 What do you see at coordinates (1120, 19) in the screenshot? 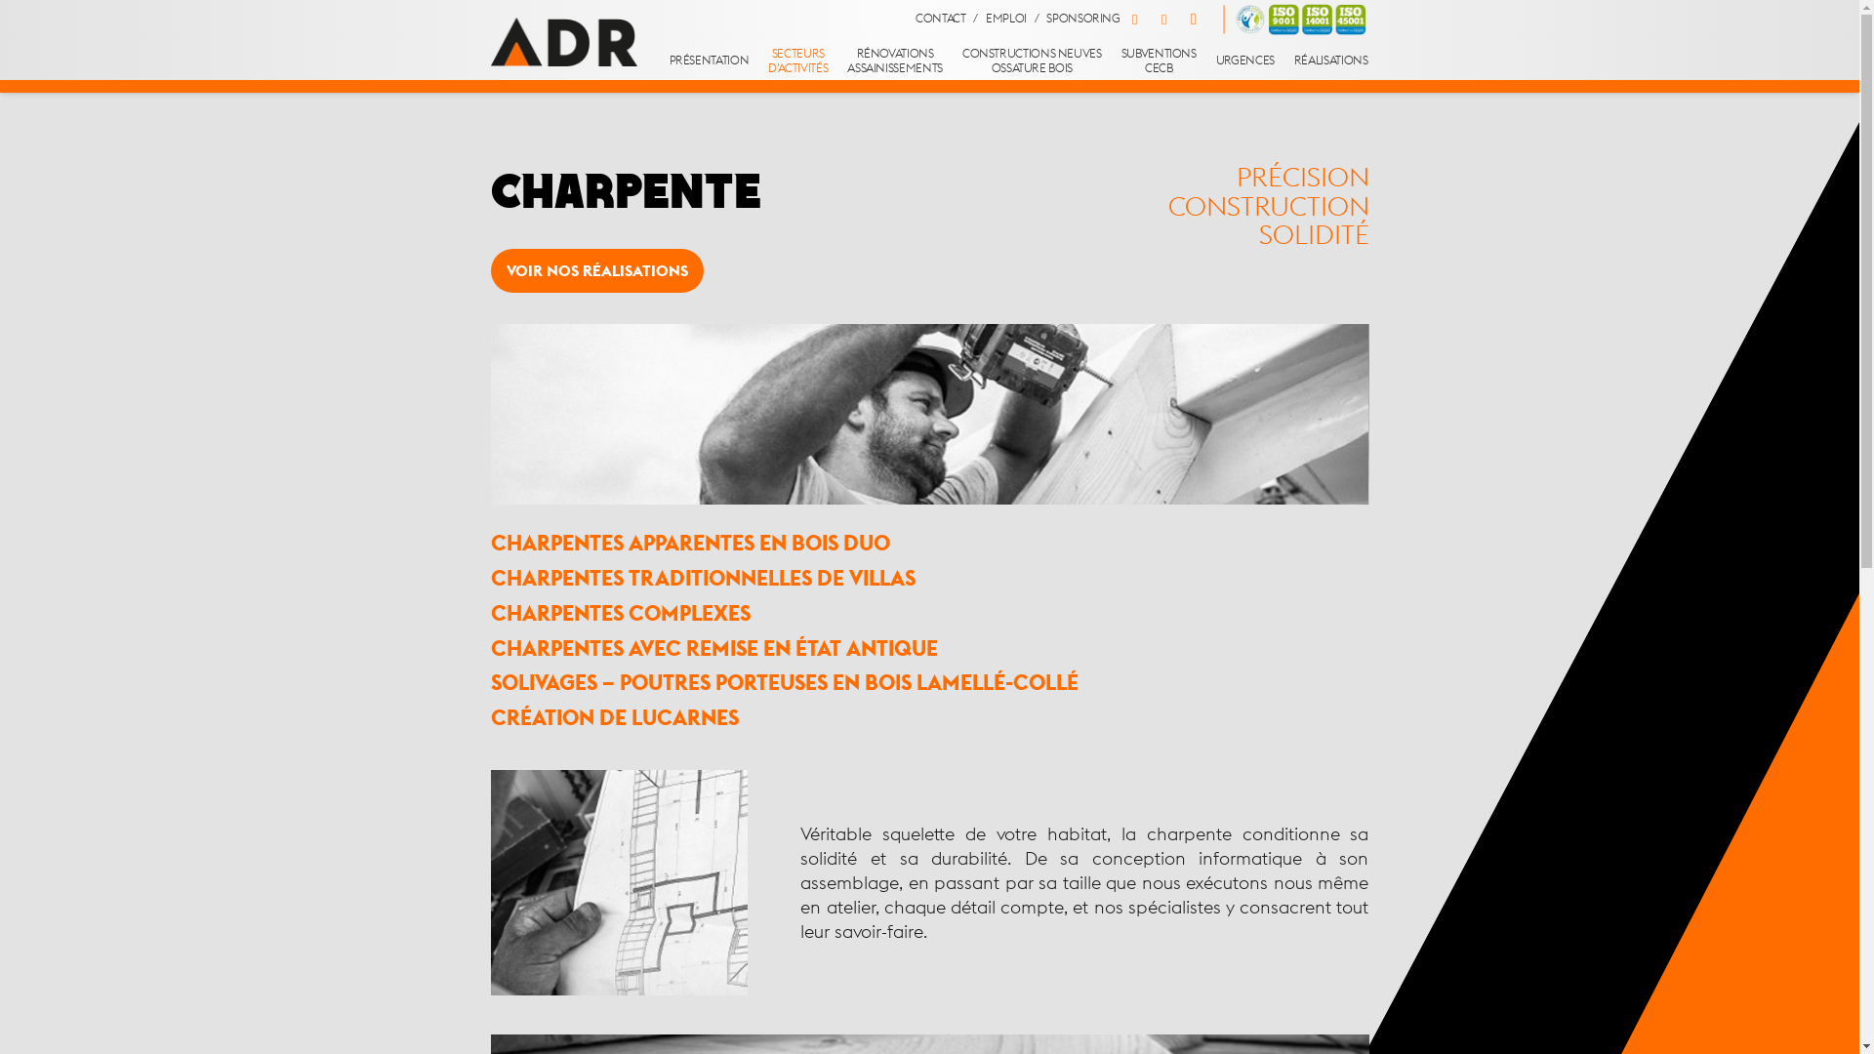
I see `'Facebook'` at bounding box center [1120, 19].